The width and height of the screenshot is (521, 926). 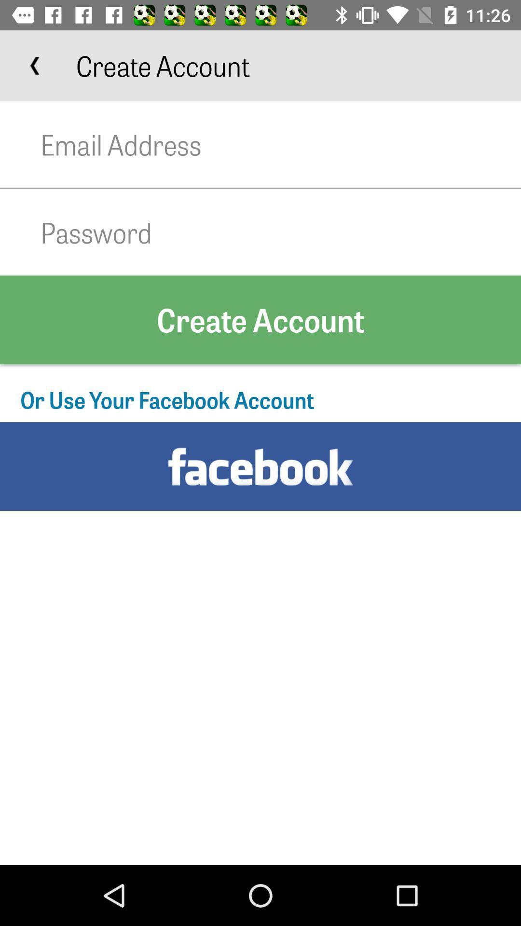 I want to click on email address, so click(x=281, y=144).